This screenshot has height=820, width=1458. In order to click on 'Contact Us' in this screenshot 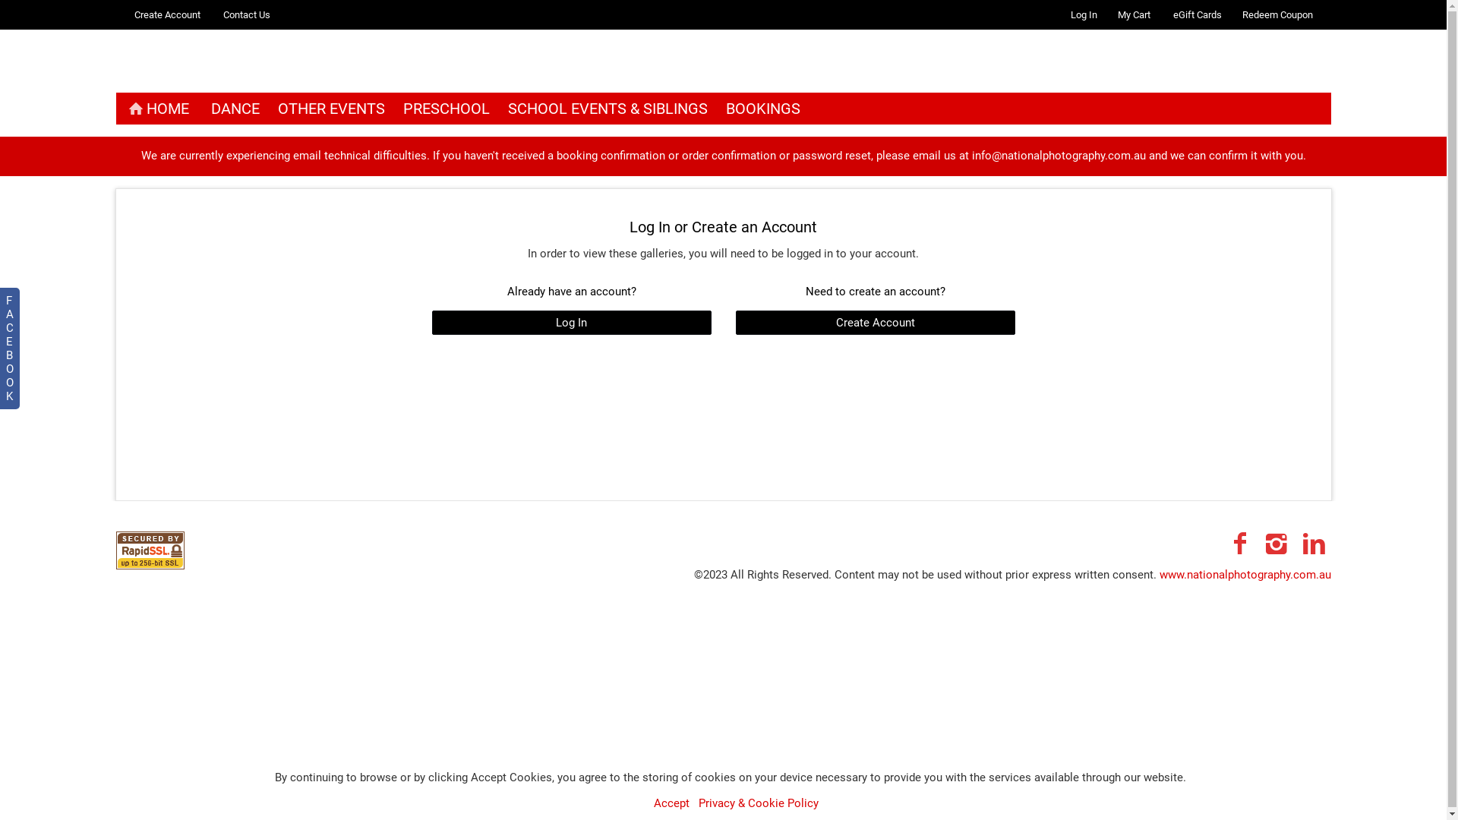, I will do `click(247, 14)`.